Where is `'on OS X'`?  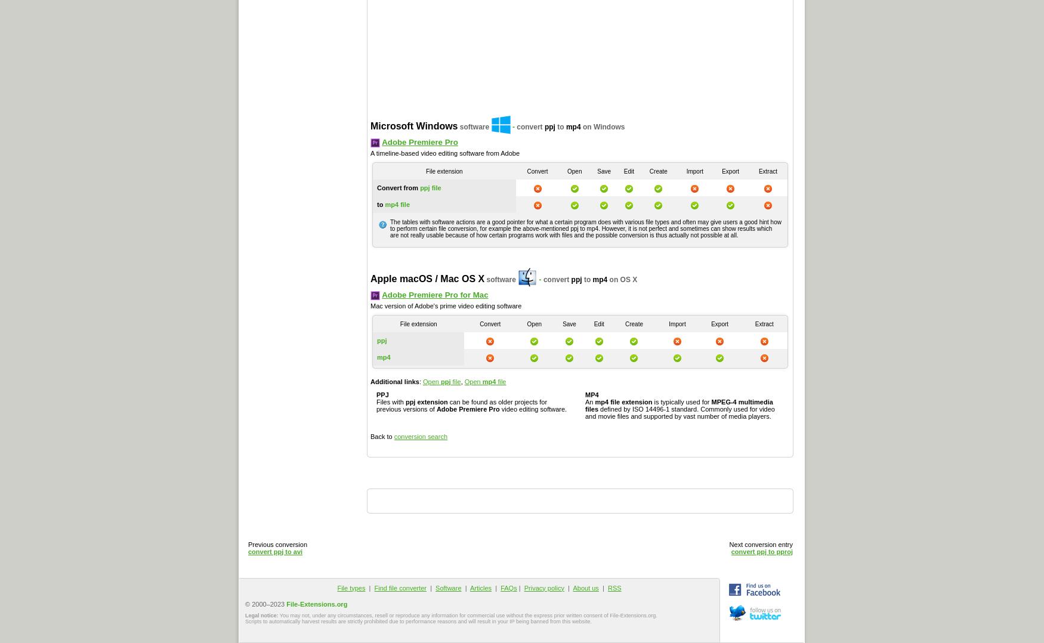
'on OS X' is located at coordinates (622, 278).